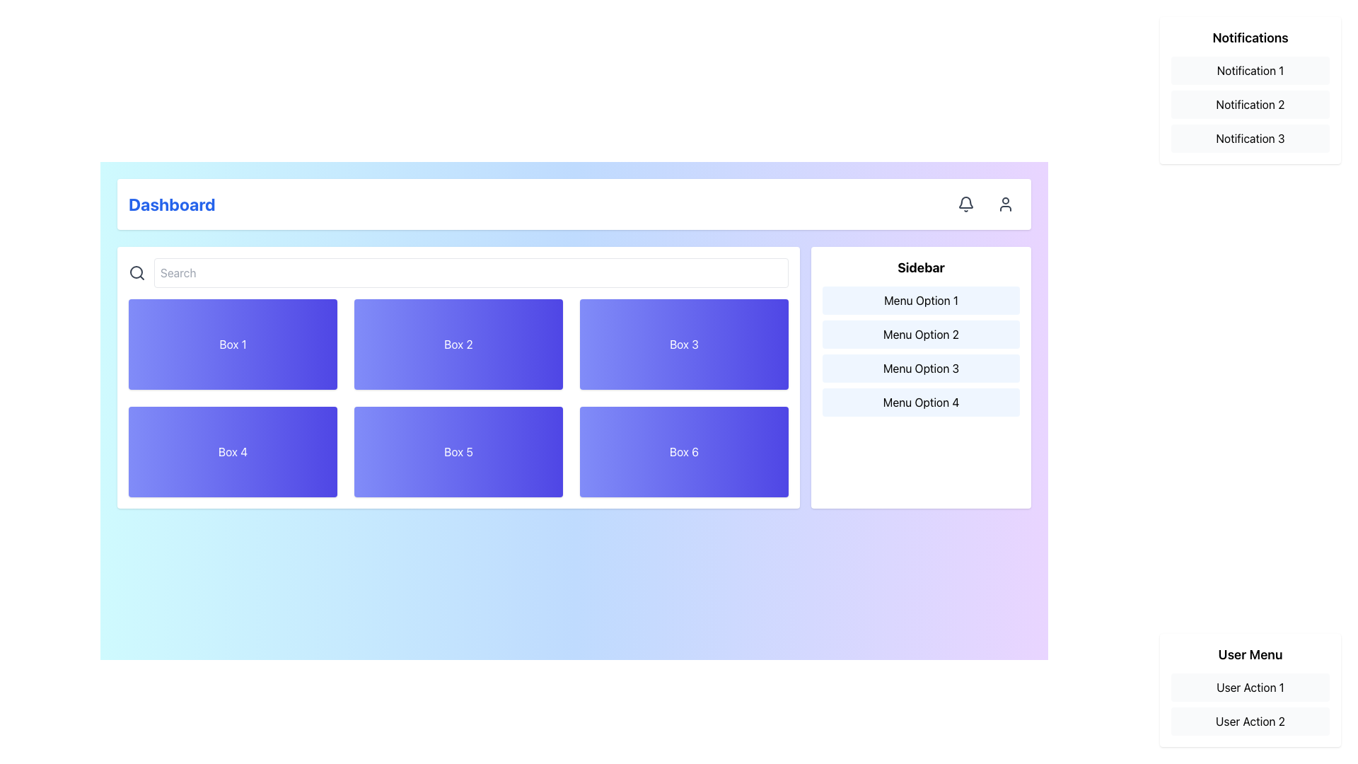  Describe the element at coordinates (921, 376) in the screenshot. I see `the Sidebar menu located in the rightmost column of the layout grid` at that location.